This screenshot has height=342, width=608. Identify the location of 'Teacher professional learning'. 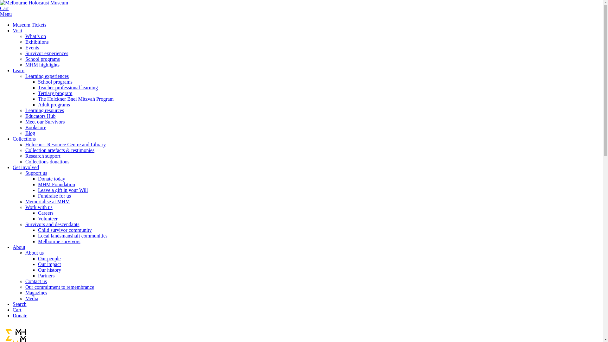
(68, 87).